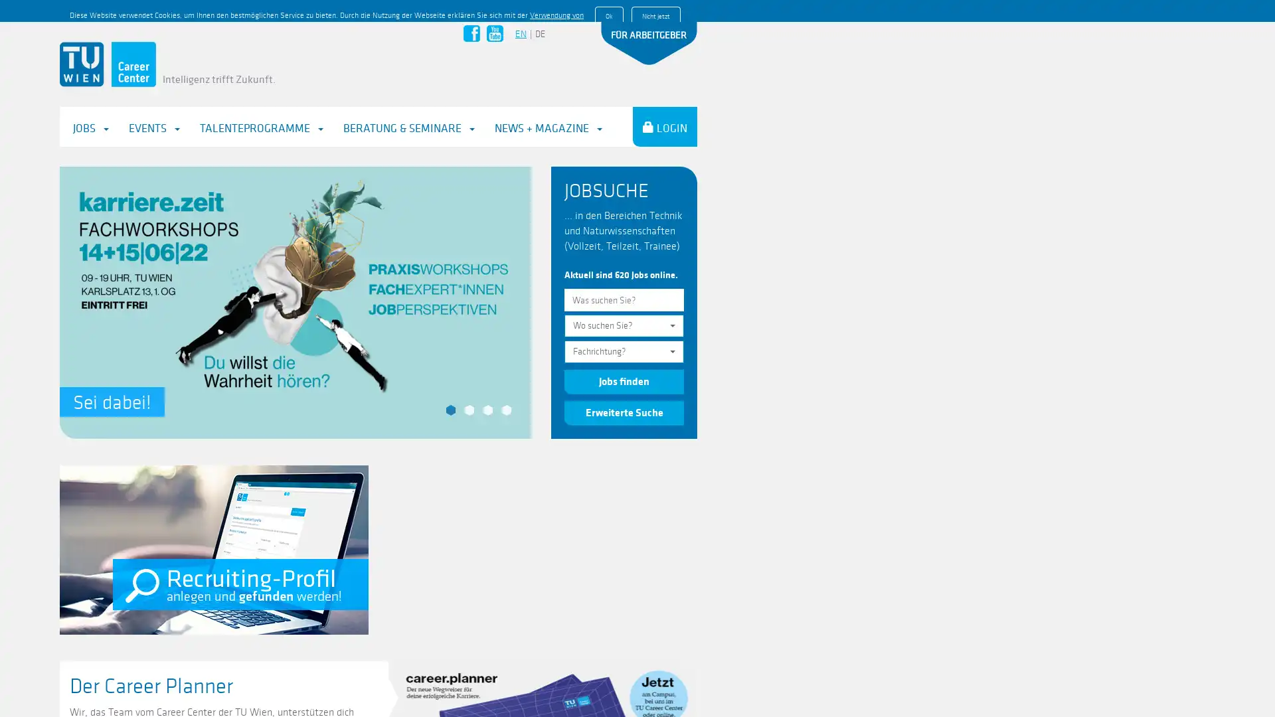  I want to click on Erweiterte Suche, so click(624, 390).